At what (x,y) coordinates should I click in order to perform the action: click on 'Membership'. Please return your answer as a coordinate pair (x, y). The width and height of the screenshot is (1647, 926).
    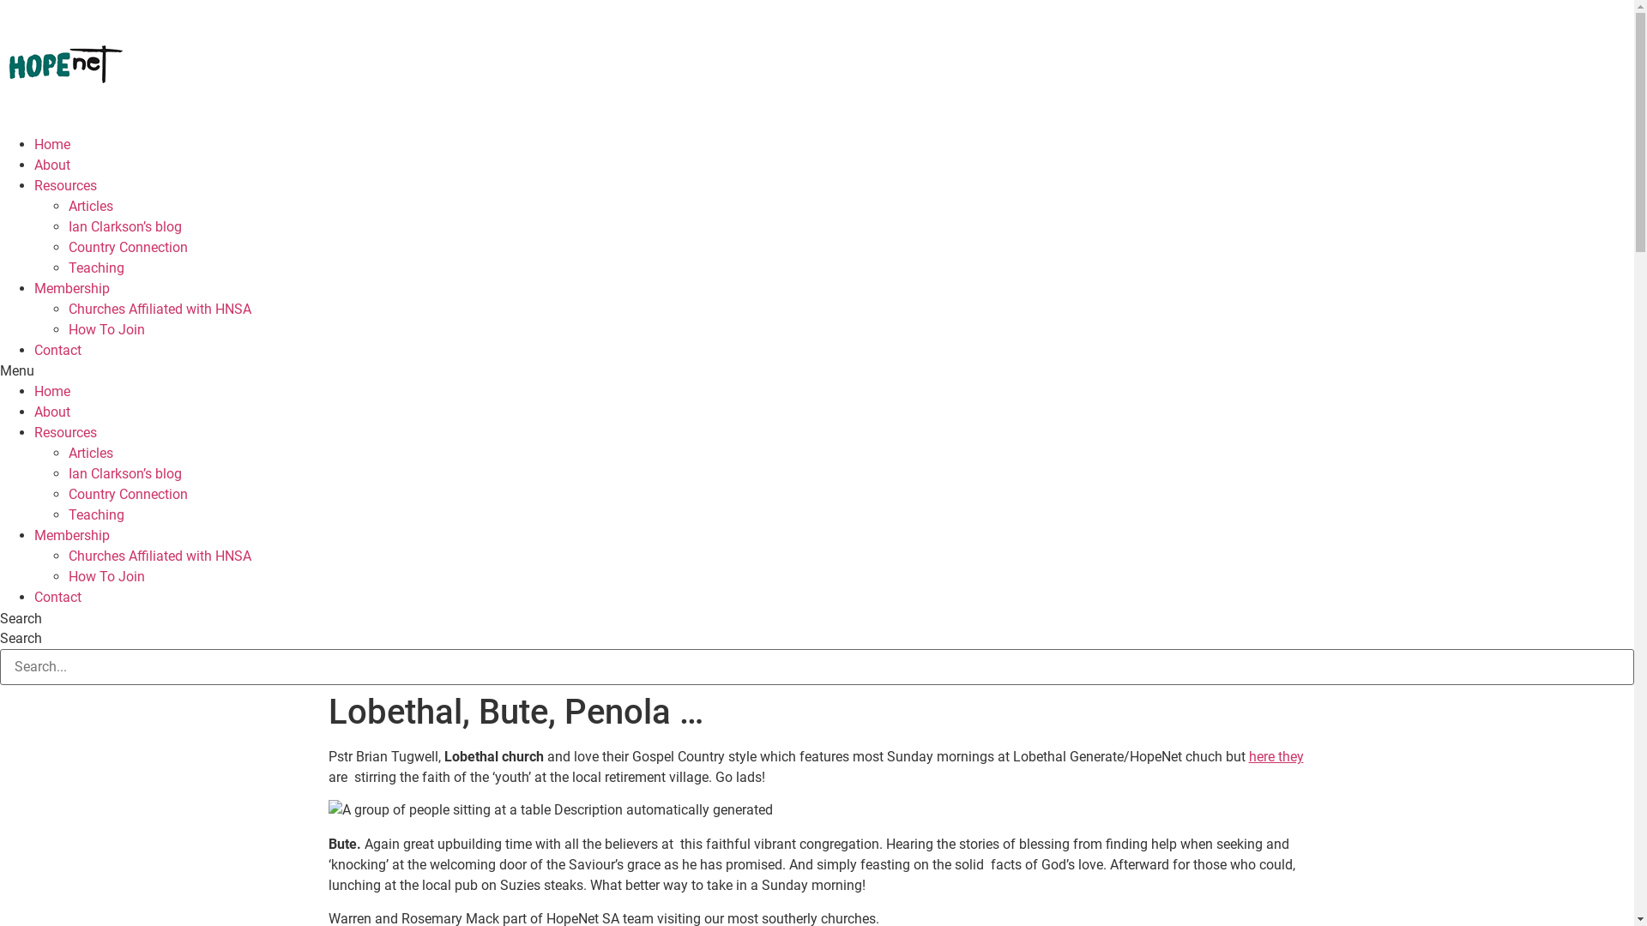
    Looking at the image, I should click on (70, 534).